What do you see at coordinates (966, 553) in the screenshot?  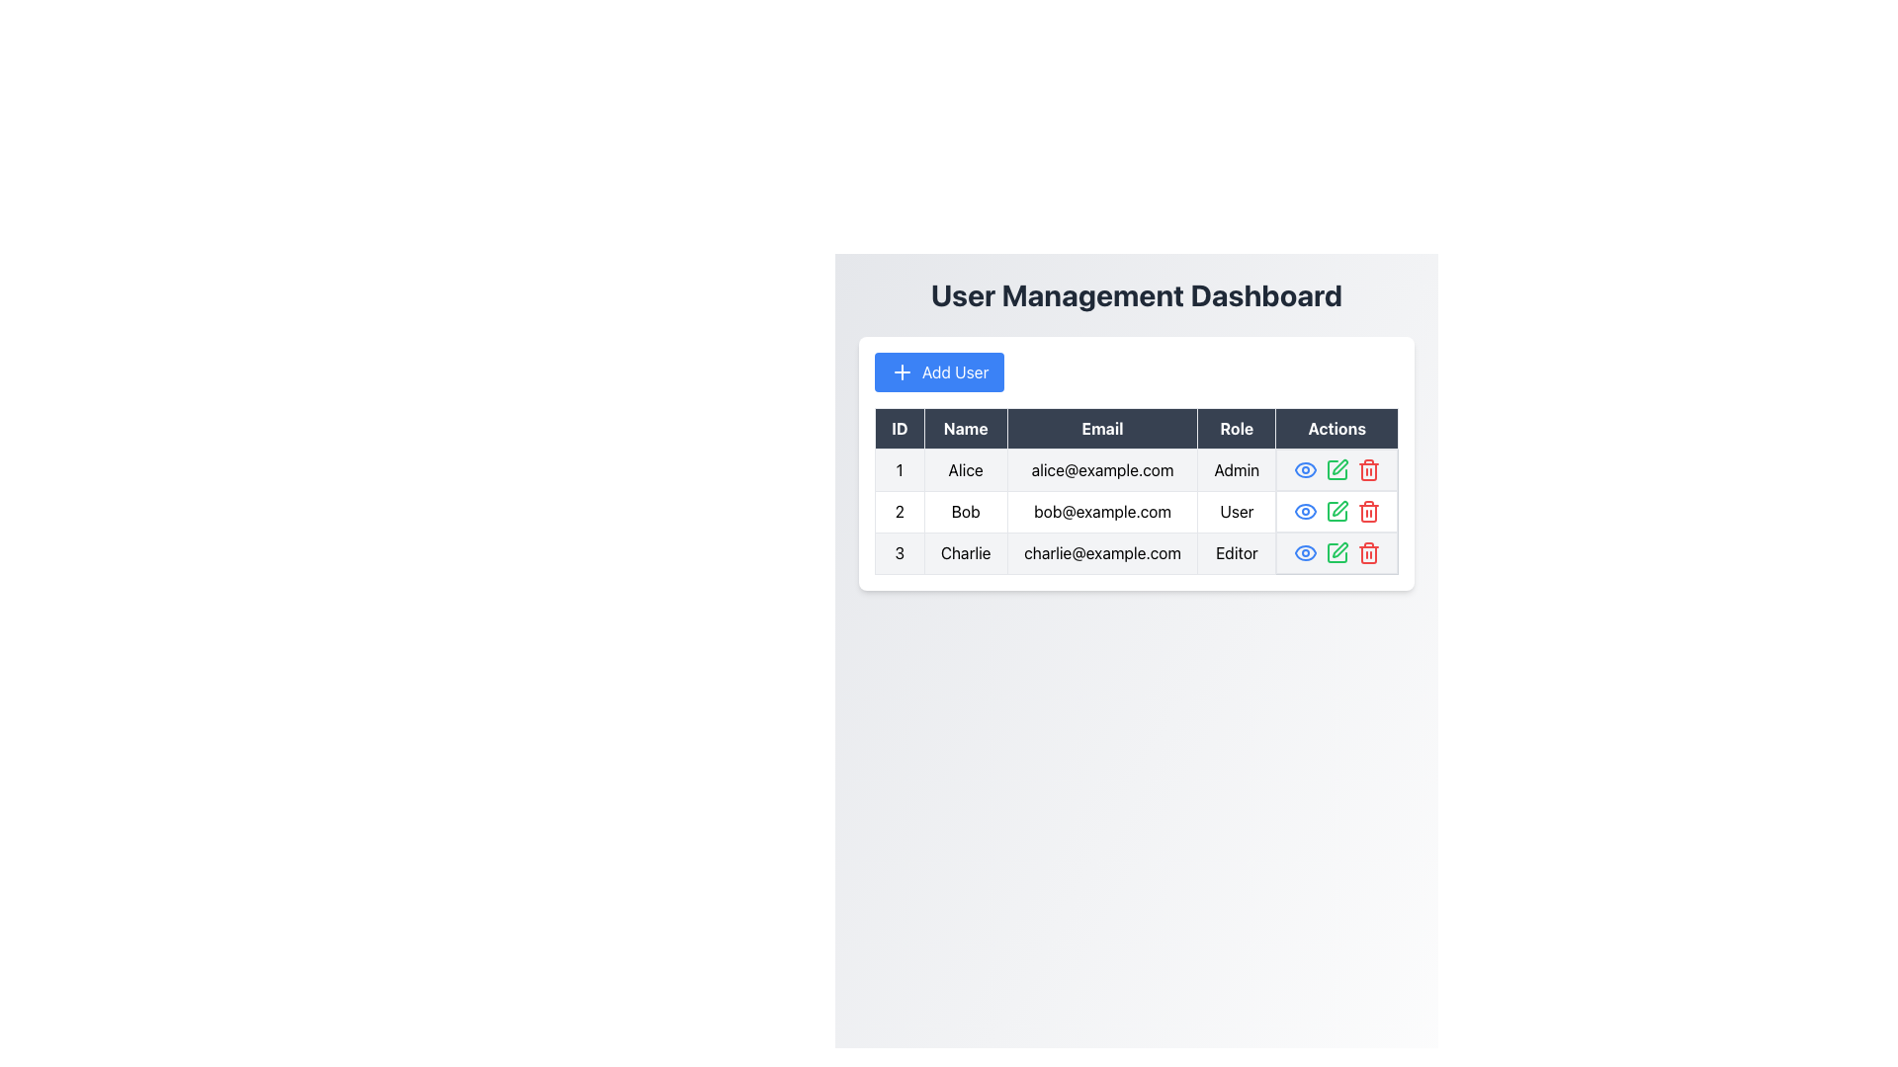 I see `the text label displaying 'Charlie', which is styled with padding and a border, located in the third row under the 'Name' column of a table-like structure` at bounding box center [966, 553].